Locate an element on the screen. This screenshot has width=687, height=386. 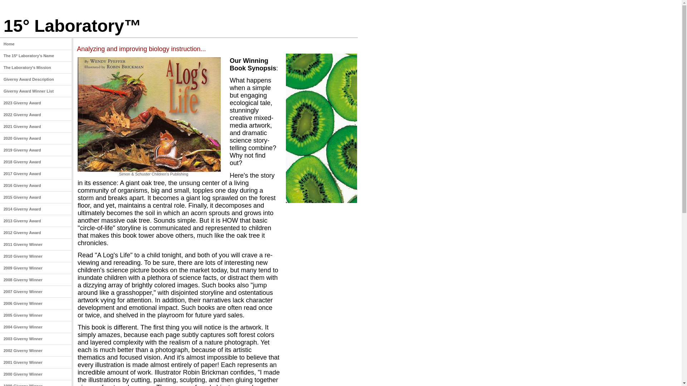
'2021 Giverny Award' is located at coordinates (35, 126).